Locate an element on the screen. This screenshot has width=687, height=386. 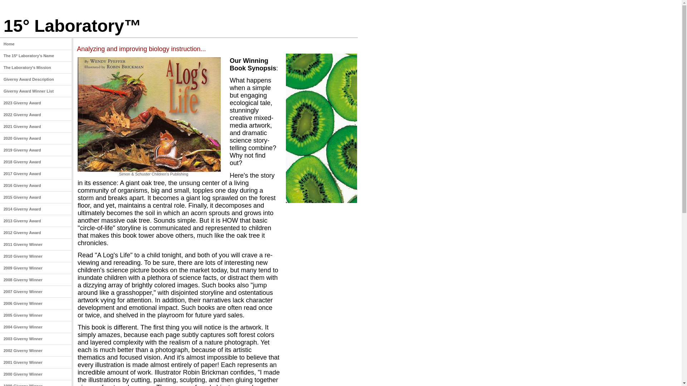
'2021 Giverny Award' is located at coordinates (35, 126).